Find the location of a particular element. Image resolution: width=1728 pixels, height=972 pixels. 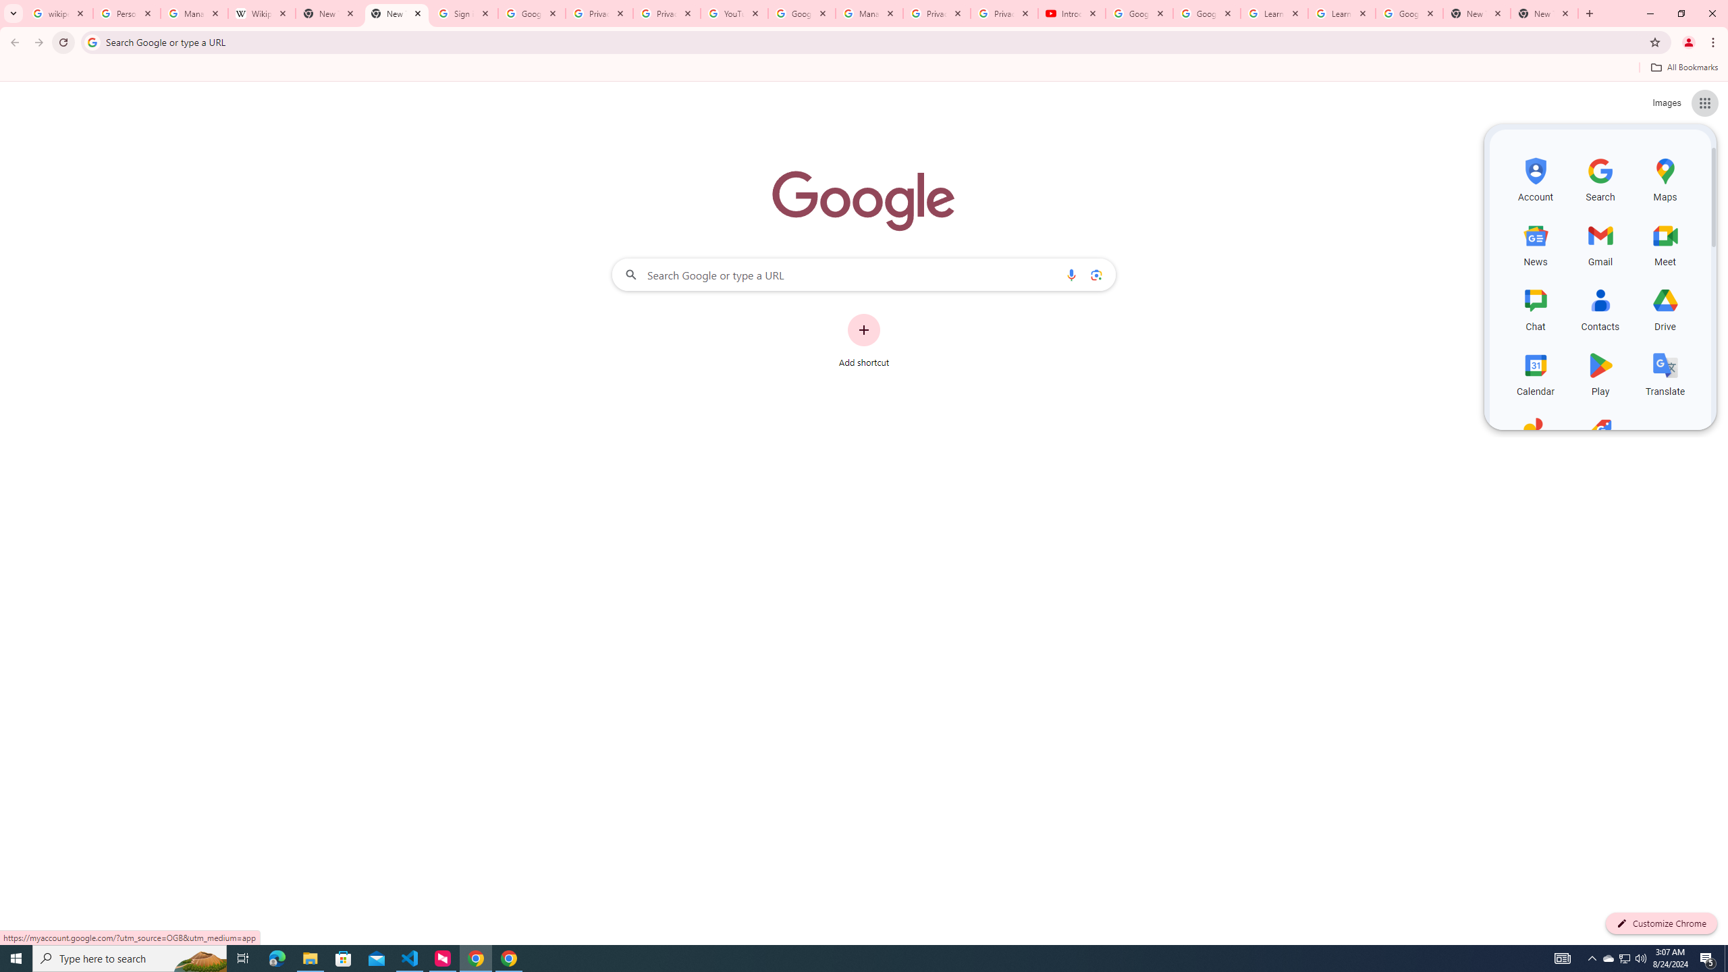

'Account, row 1 of 5 and column 1 of 3 in the first section' is located at coordinates (1535, 178).